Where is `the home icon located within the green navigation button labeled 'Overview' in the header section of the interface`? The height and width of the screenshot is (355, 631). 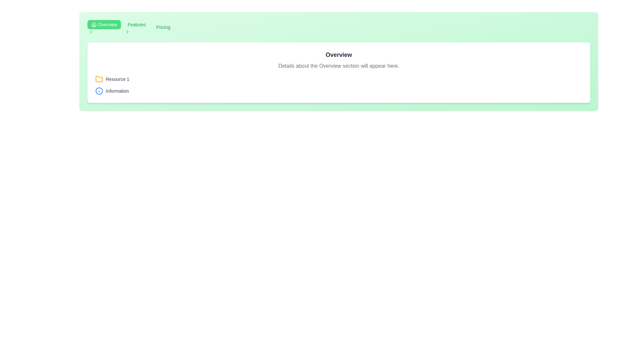 the home icon located within the green navigation button labeled 'Overview' in the header section of the interface is located at coordinates (94, 24).